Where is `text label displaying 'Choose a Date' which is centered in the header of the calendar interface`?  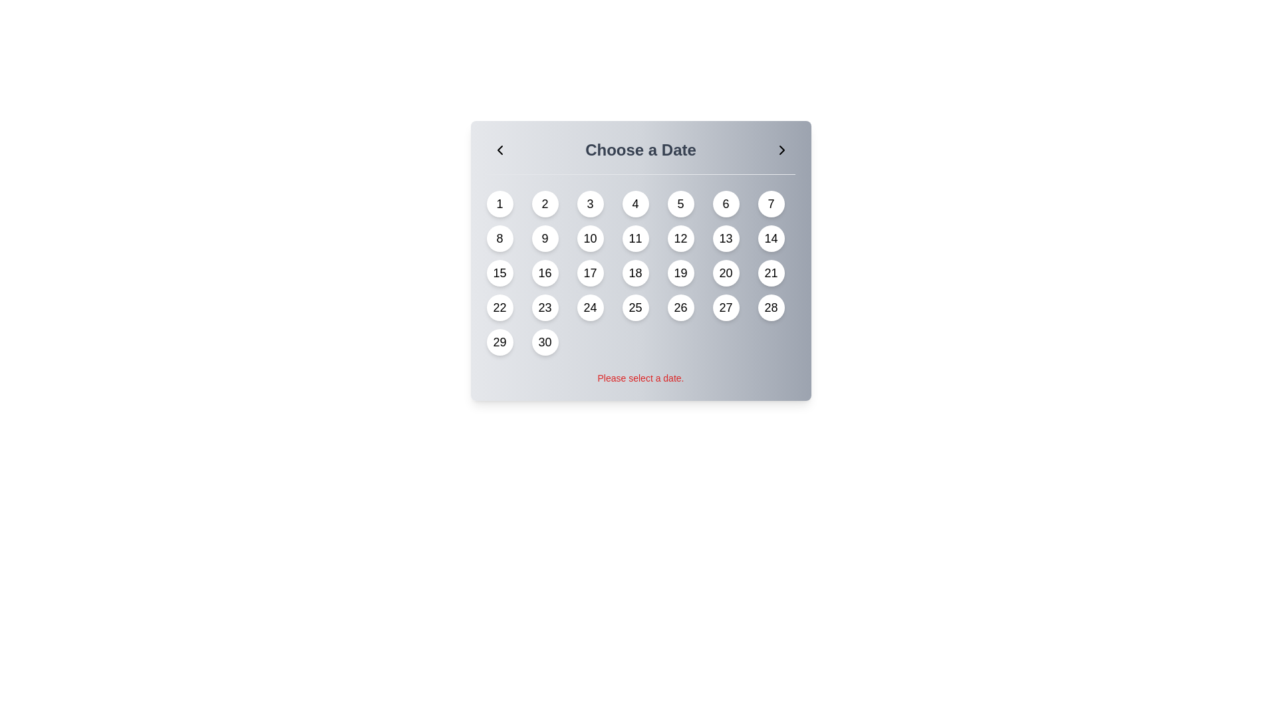
text label displaying 'Choose a Date' which is centered in the header of the calendar interface is located at coordinates (640, 150).